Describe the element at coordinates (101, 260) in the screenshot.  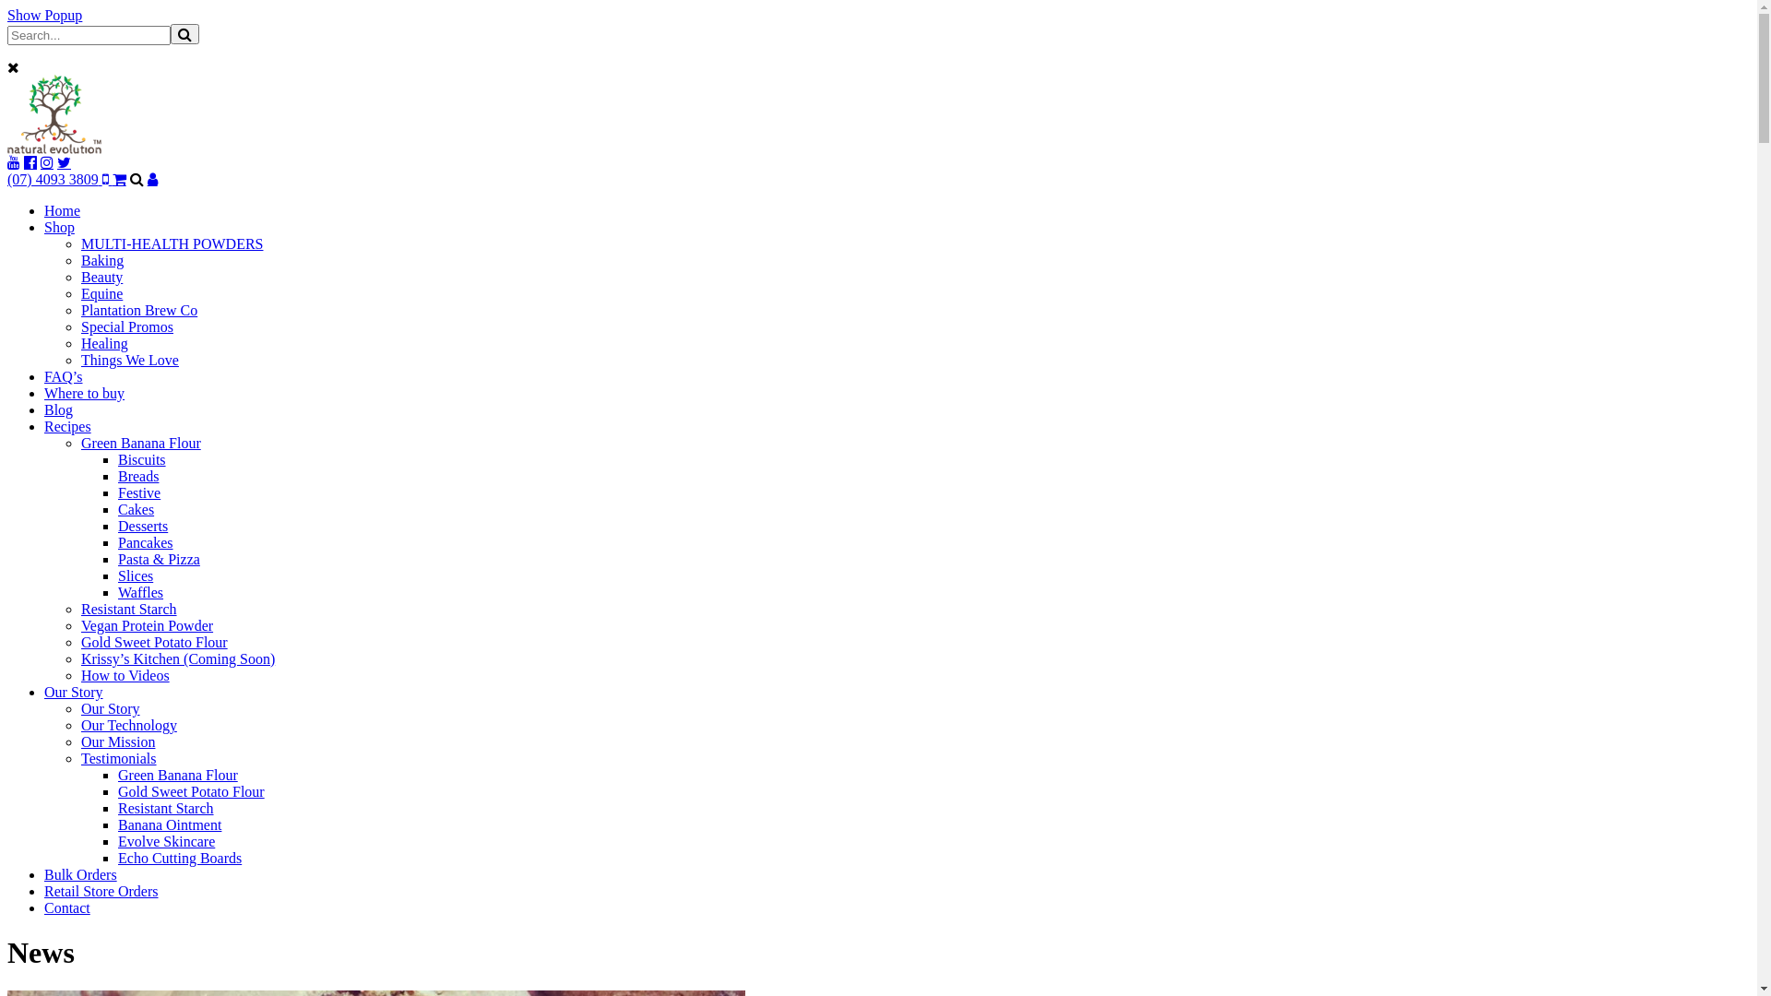
I see `'Baking'` at that location.